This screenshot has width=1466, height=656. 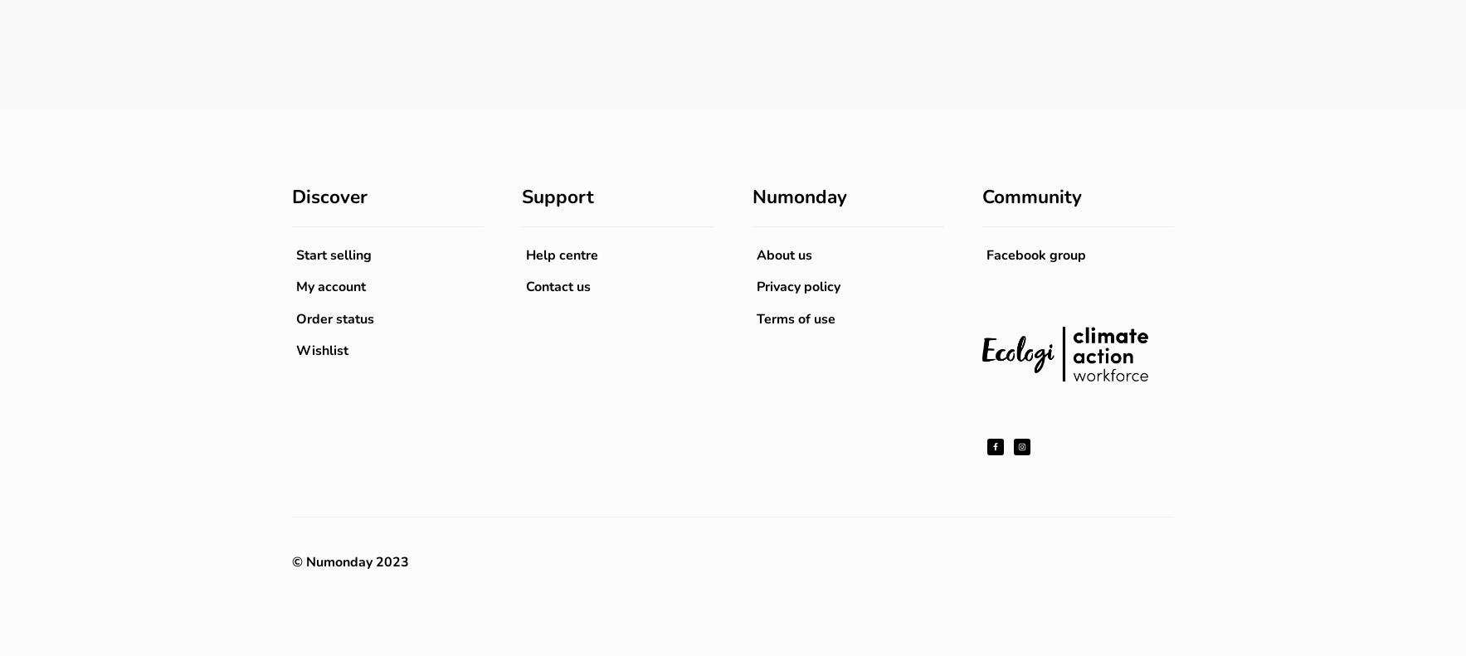 I want to click on 'Contact us', so click(x=558, y=285).